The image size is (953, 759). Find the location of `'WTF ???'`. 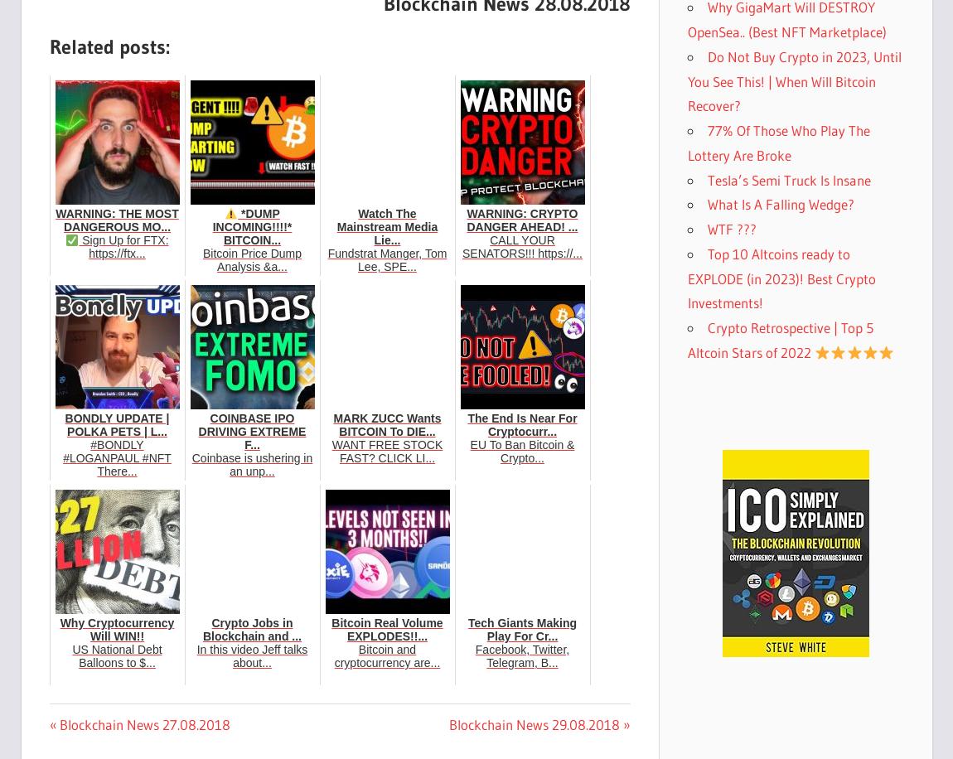

'WTF ???' is located at coordinates (705, 229).